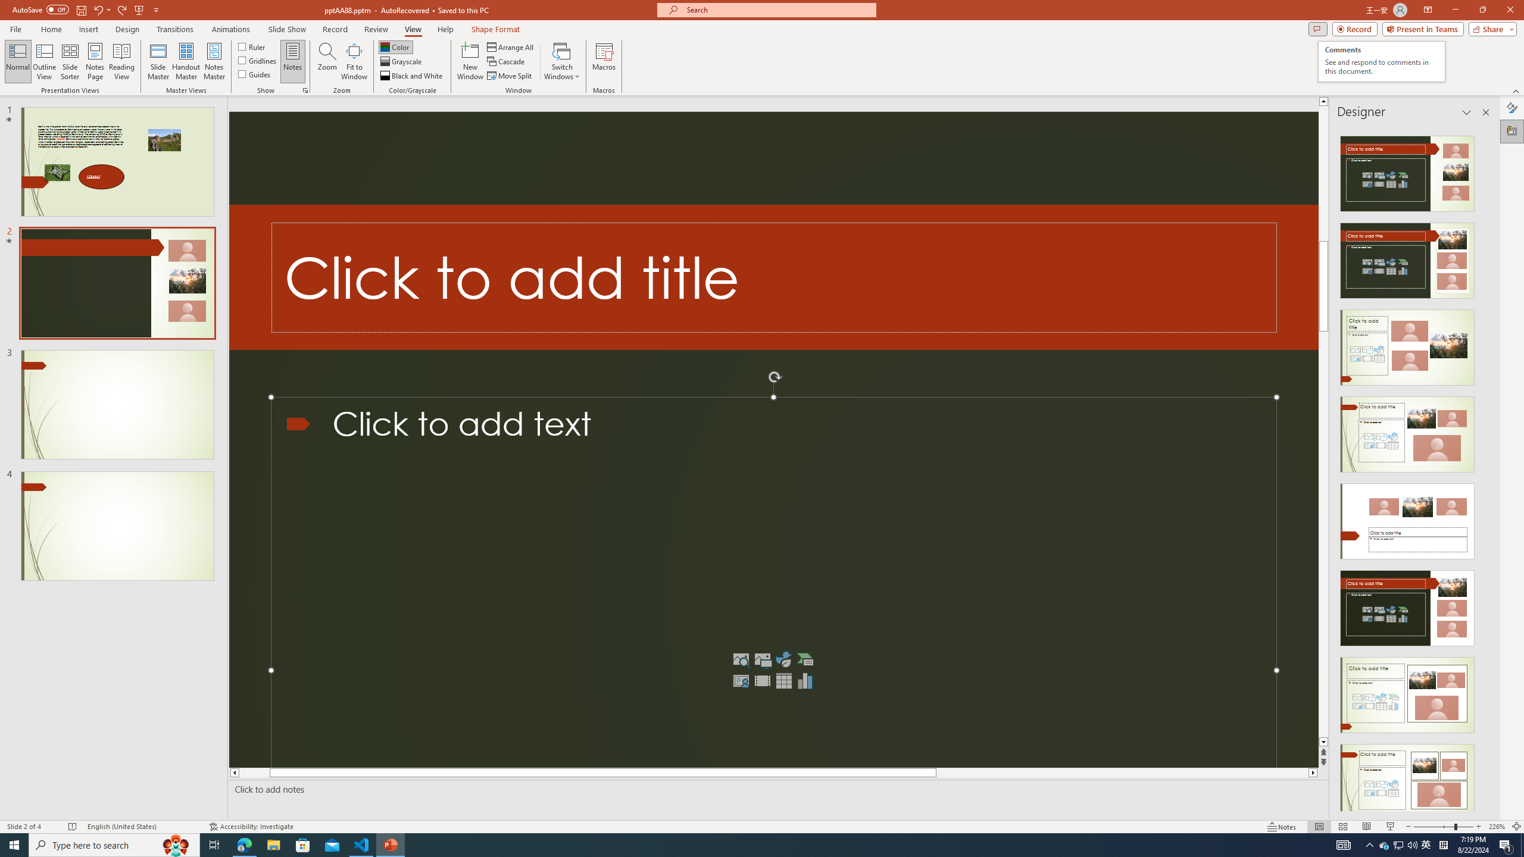  I want to click on 'Zoom 226%', so click(1497, 827).